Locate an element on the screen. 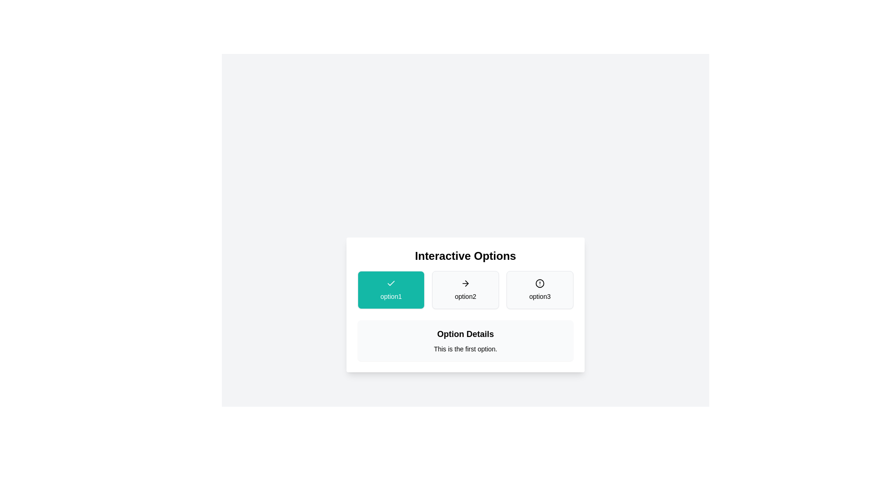 The image size is (893, 502). the first button in a horizontal layout of three buttons, positioned on the leftmost side of the group is located at coordinates (391, 290).